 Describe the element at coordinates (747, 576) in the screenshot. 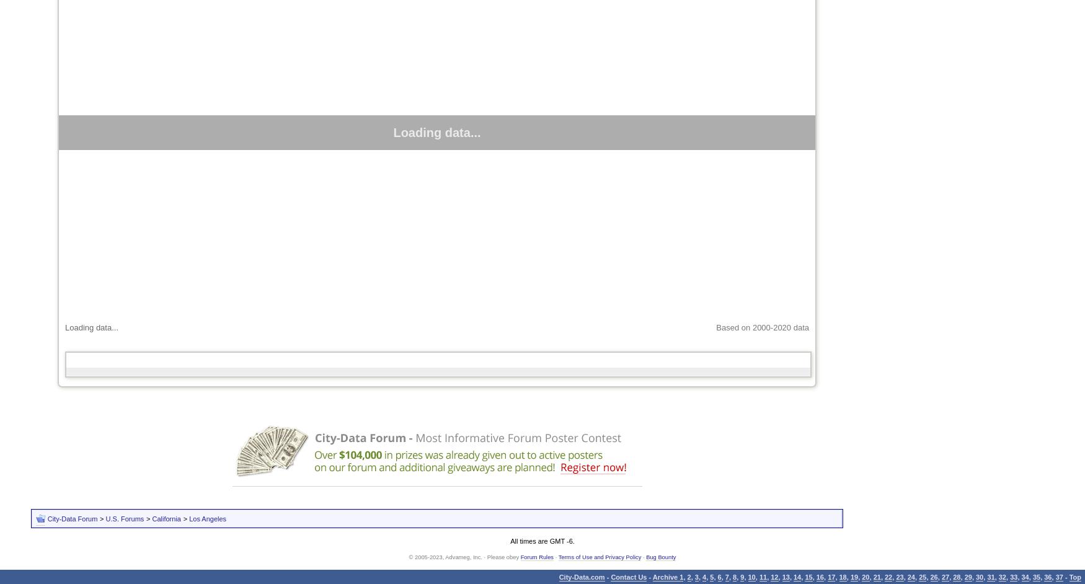

I see `'10'` at that location.